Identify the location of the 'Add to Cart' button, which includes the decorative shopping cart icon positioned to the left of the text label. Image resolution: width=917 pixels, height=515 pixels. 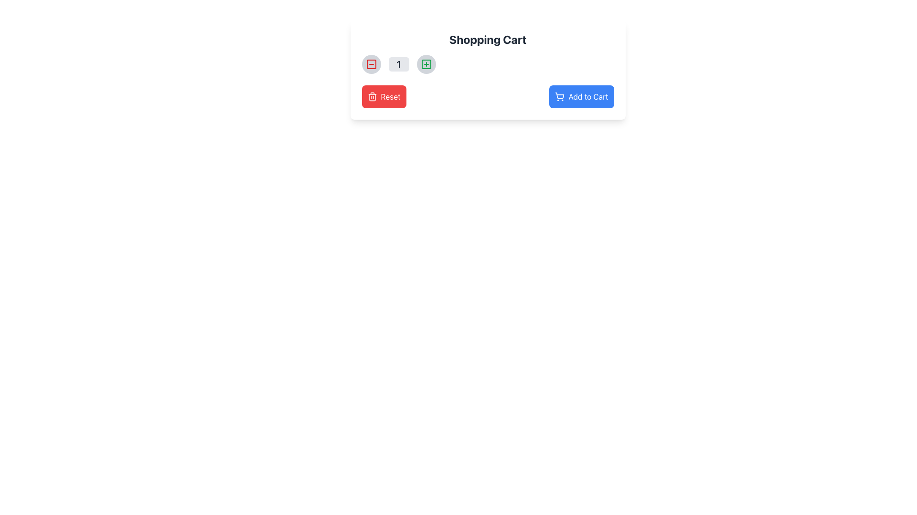
(560, 97).